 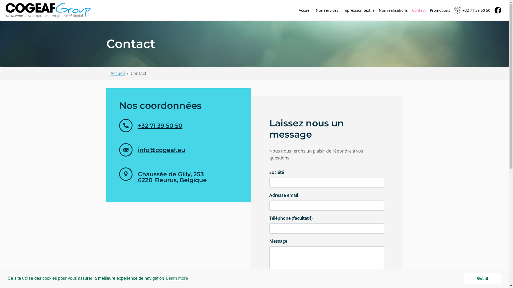 I want to click on 'Accueil', so click(x=117, y=73).